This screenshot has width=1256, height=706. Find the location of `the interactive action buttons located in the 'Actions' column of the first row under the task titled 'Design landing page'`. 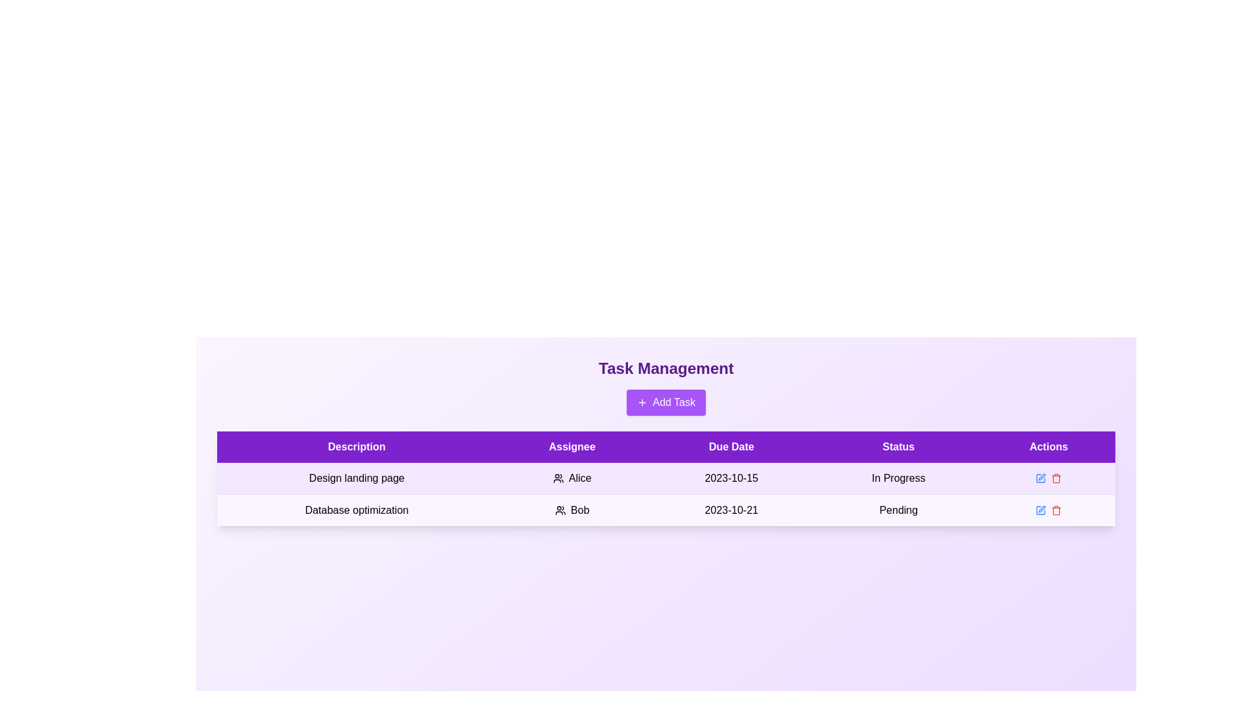

the interactive action buttons located in the 'Actions' column of the first row under the task titled 'Design landing page' is located at coordinates (1049, 479).